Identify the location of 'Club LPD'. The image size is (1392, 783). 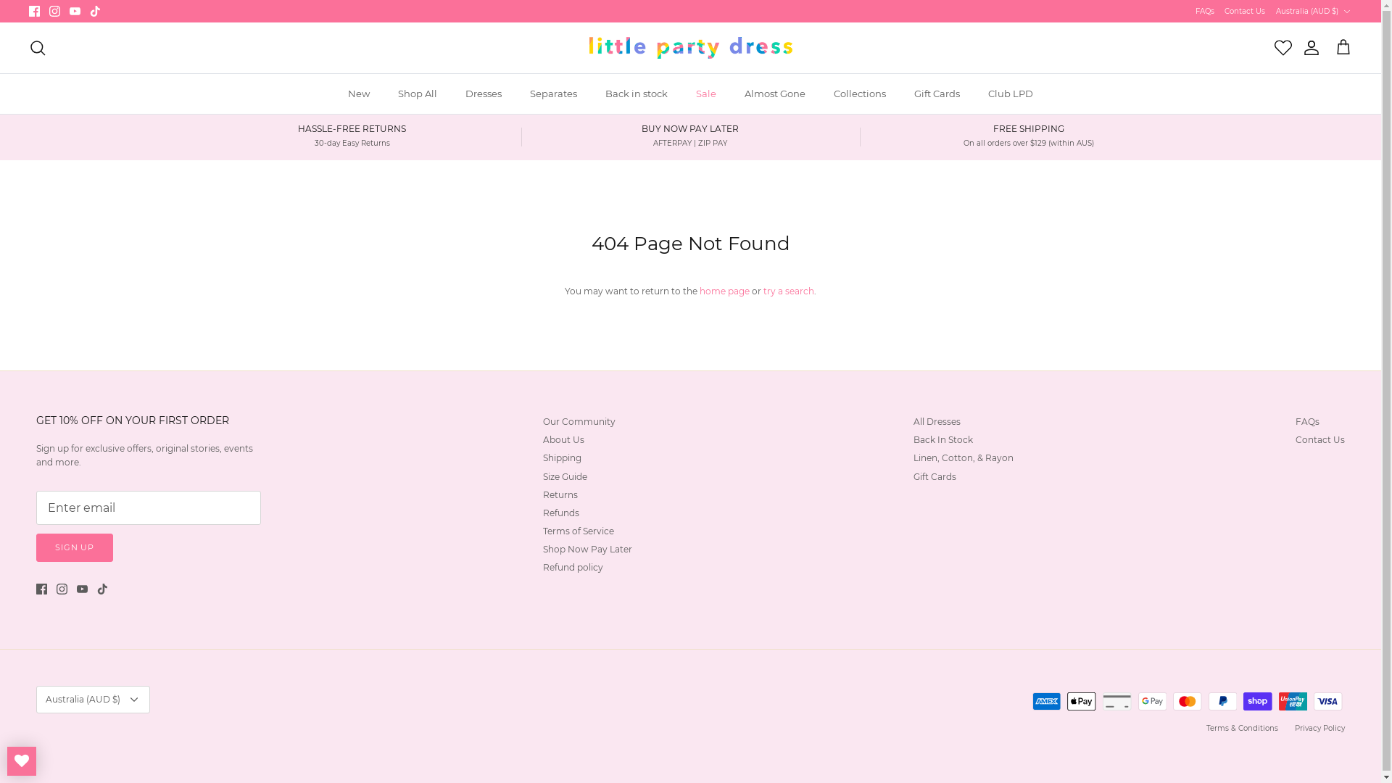
(974, 94).